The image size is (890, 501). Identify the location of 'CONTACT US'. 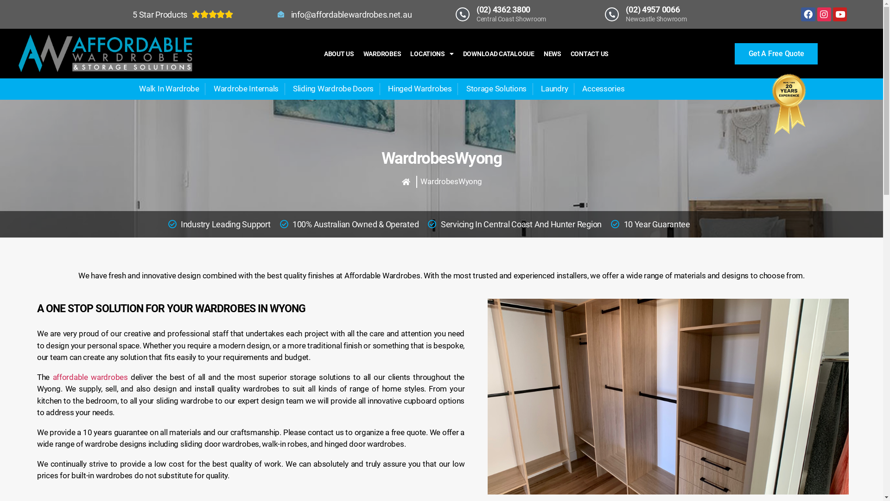
(589, 53).